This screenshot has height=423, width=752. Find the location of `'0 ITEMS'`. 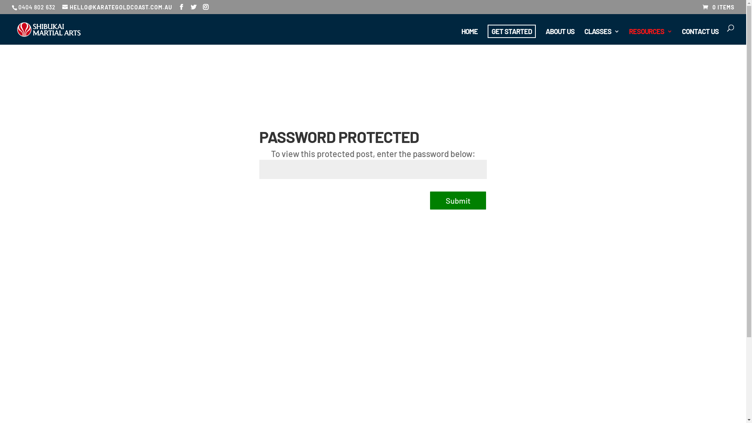

'0 ITEMS' is located at coordinates (718, 7).